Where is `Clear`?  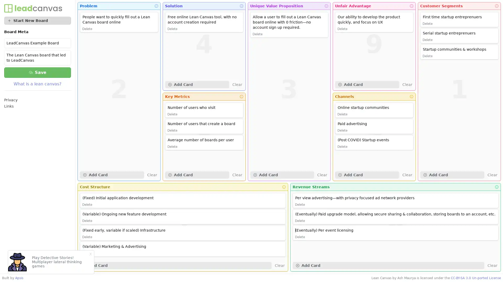 Clear is located at coordinates (492, 175).